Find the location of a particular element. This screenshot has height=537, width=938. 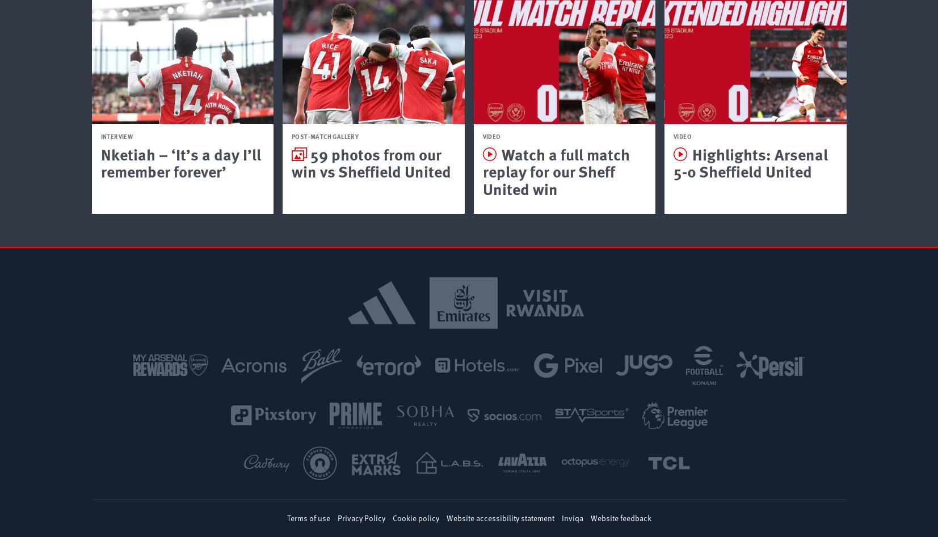

'Terms of use' is located at coordinates (308, 517).